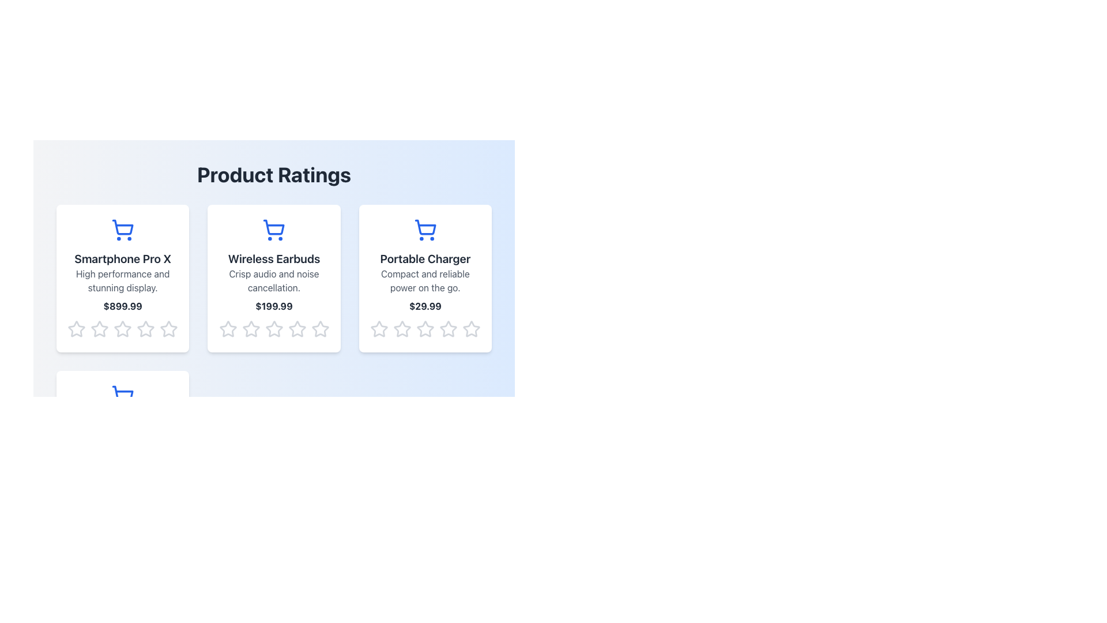  Describe the element at coordinates (424, 329) in the screenshot. I see `on the fourth star icon in the star rating row below the card for the 'Portable Charger'` at that location.